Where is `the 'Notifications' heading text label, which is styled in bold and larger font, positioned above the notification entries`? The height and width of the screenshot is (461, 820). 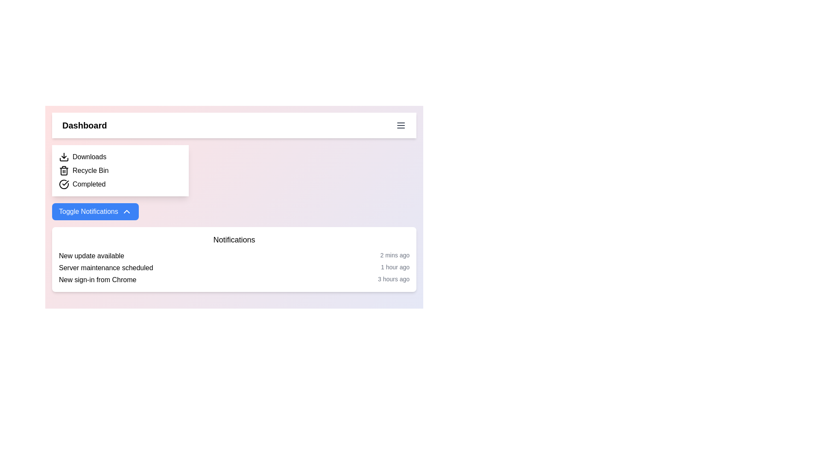
the 'Notifications' heading text label, which is styled in bold and larger font, positioned above the notification entries is located at coordinates (234, 240).